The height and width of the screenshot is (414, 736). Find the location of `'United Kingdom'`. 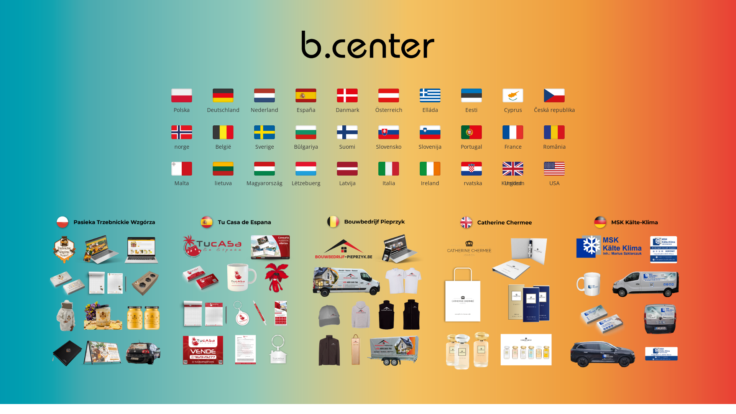

'United Kingdom' is located at coordinates (501, 183).